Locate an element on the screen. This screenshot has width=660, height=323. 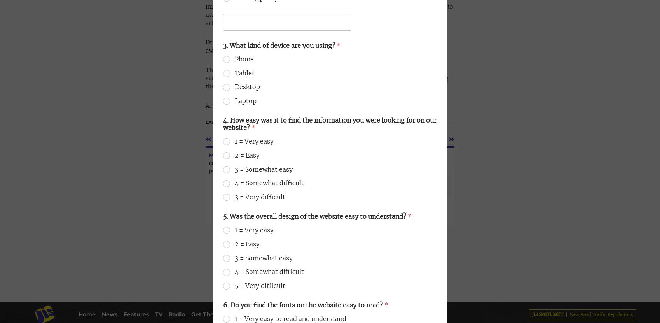
'Prime Minister' is located at coordinates (254, 35).